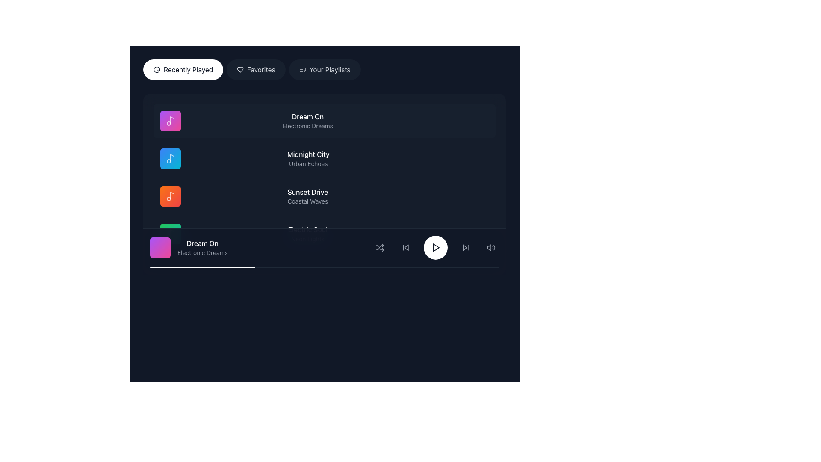 This screenshot has height=462, width=821. Describe the element at coordinates (324, 158) in the screenshot. I see `the list item containing the title 'Midnight City' and subtitle 'Urban Echoes', which is the second item in the music list` at that location.